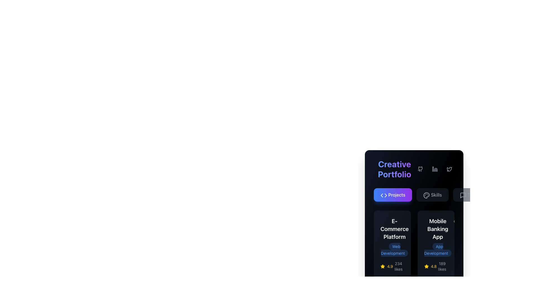 The height and width of the screenshot is (302, 536). Describe the element at coordinates (386, 266) in the screenshot. I see `rating displayed in the yellow star icon, which shows '4.9' in bold yellow font against a dark background, located near the bottom left of the card` at that location.